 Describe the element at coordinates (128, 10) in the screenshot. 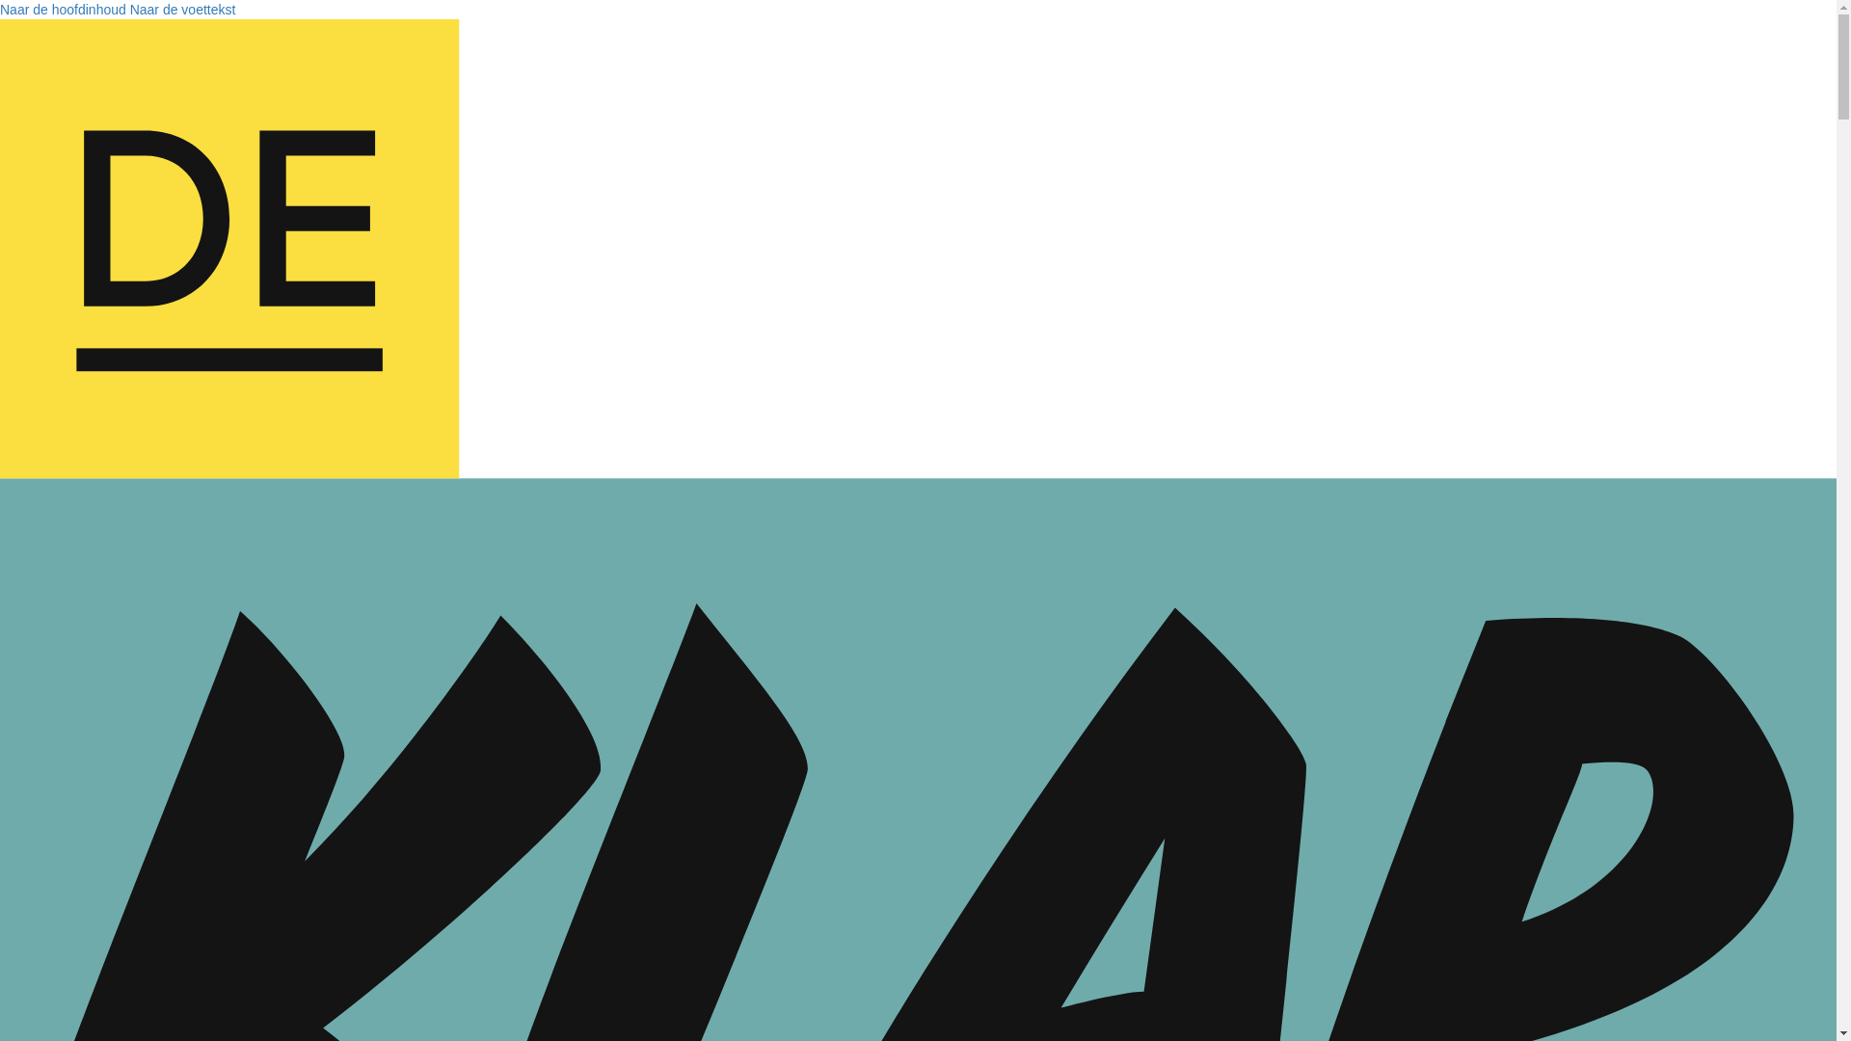

I see `'Naar de voettekst'` at that location.